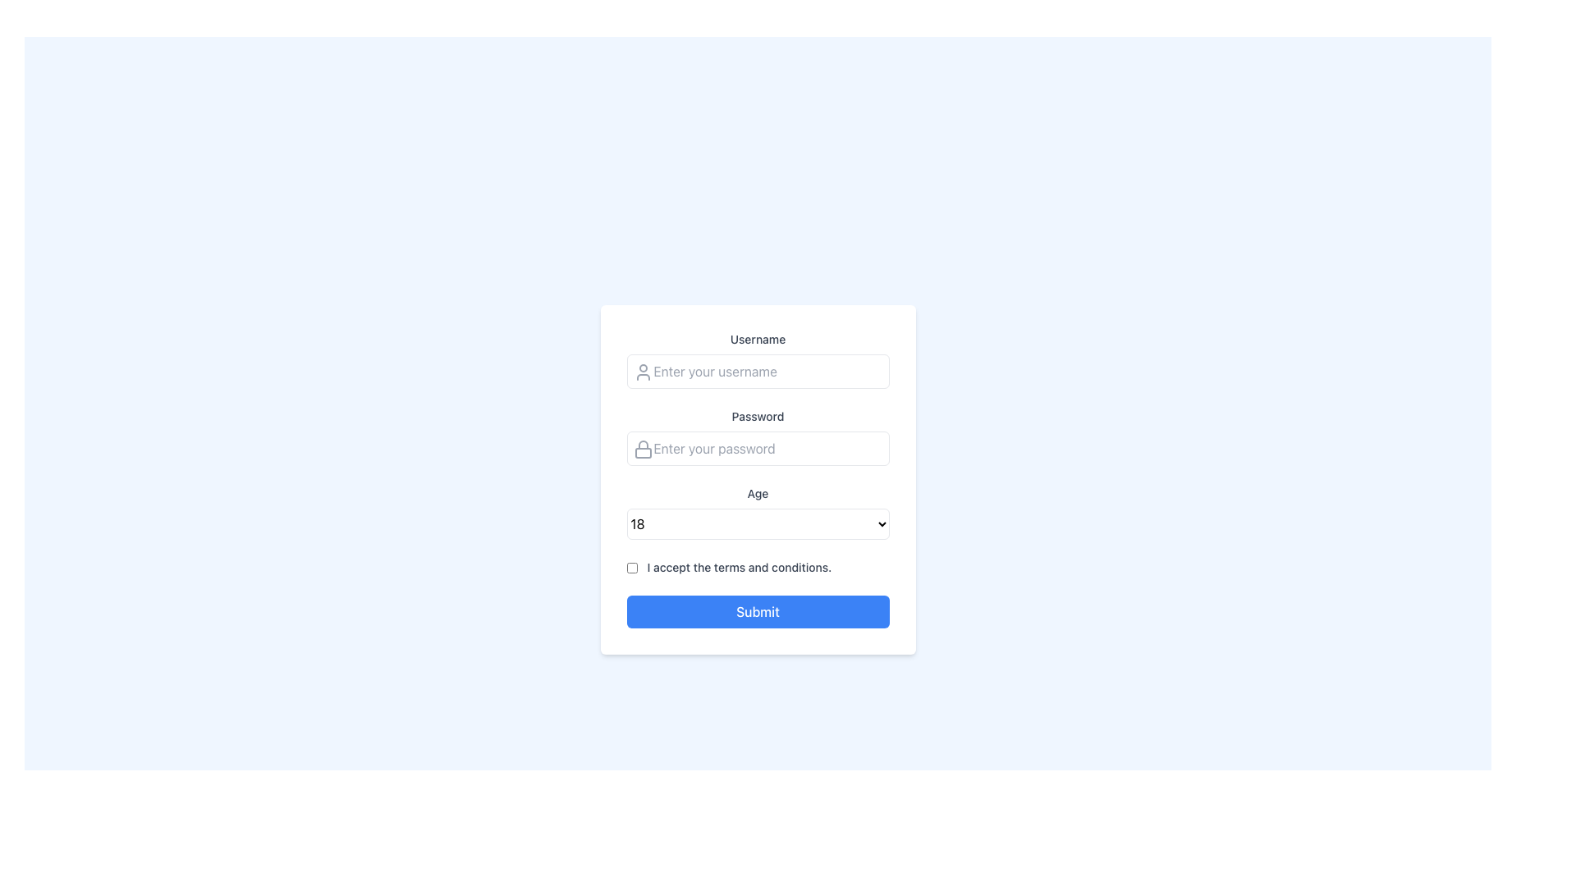 The image size is (1576, 886). I want to click on the 'Age' label which is styled with a gray color and medium-size font, positioned above the dropdown field in the form layout, so click(757, 492).